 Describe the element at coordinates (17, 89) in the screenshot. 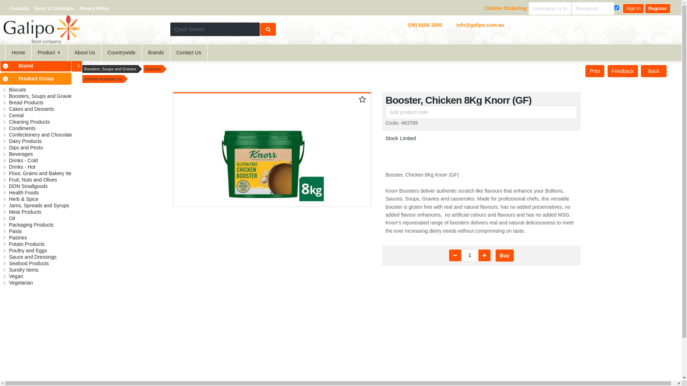

I see `'Biscuits'` at that location.